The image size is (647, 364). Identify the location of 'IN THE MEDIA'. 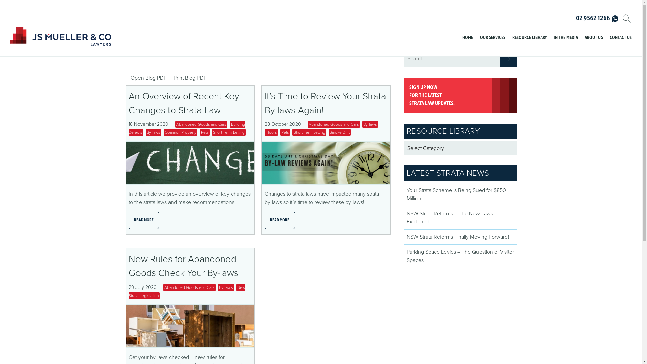
(566, 38).